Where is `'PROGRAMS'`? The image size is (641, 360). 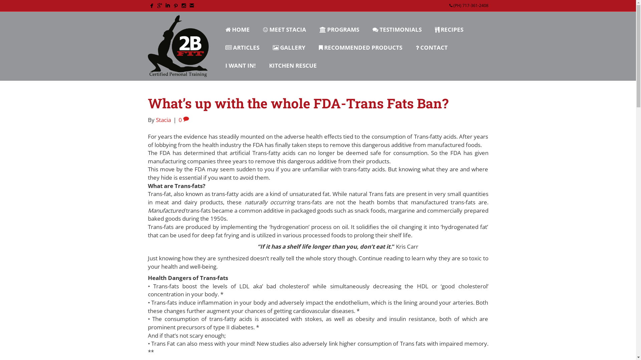 'PROGRAMS' is located at coordinates (312, 28).